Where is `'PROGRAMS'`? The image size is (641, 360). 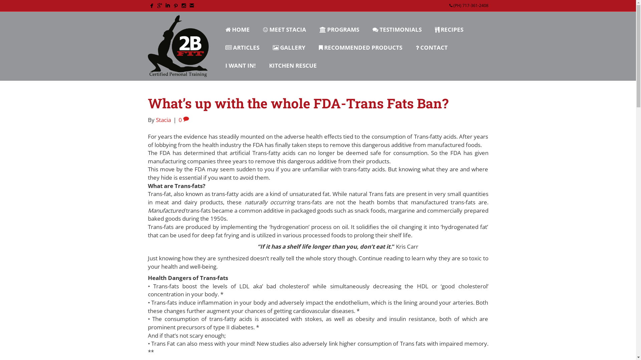 'PROGRAMS' is located at coordinates (312, 28).